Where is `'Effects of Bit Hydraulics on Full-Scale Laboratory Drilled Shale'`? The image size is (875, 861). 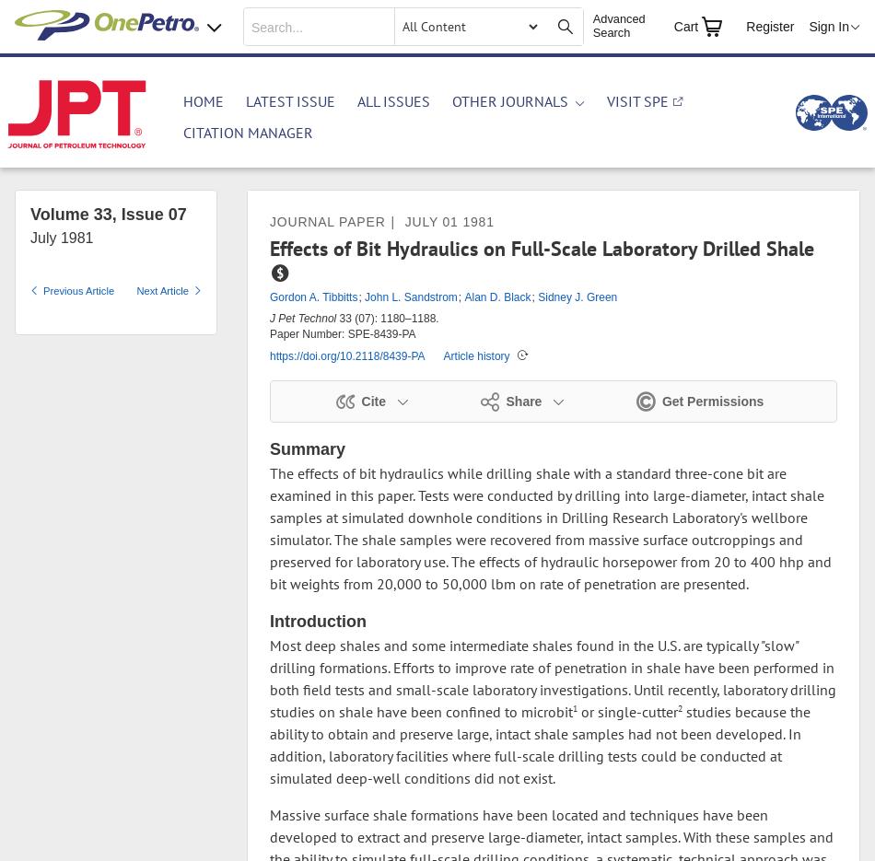 'Effects of Bit Hydraulics on Full-Scale Laboratory Drilled Shale' is located at coordinates (542, 247).